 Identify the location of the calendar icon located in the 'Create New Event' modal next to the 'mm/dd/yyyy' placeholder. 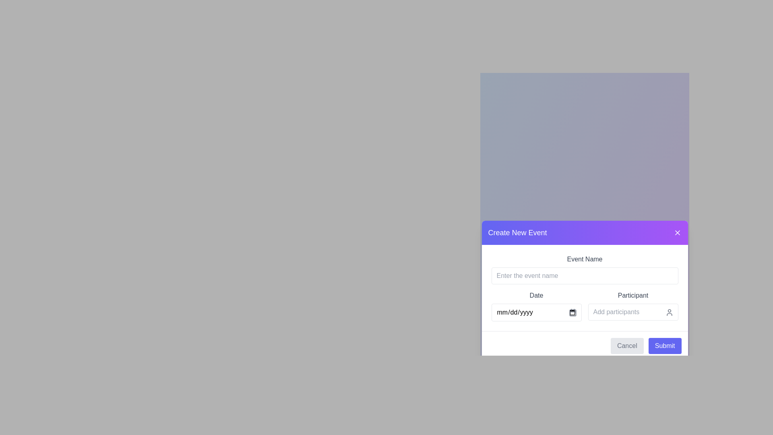
(572, 312).